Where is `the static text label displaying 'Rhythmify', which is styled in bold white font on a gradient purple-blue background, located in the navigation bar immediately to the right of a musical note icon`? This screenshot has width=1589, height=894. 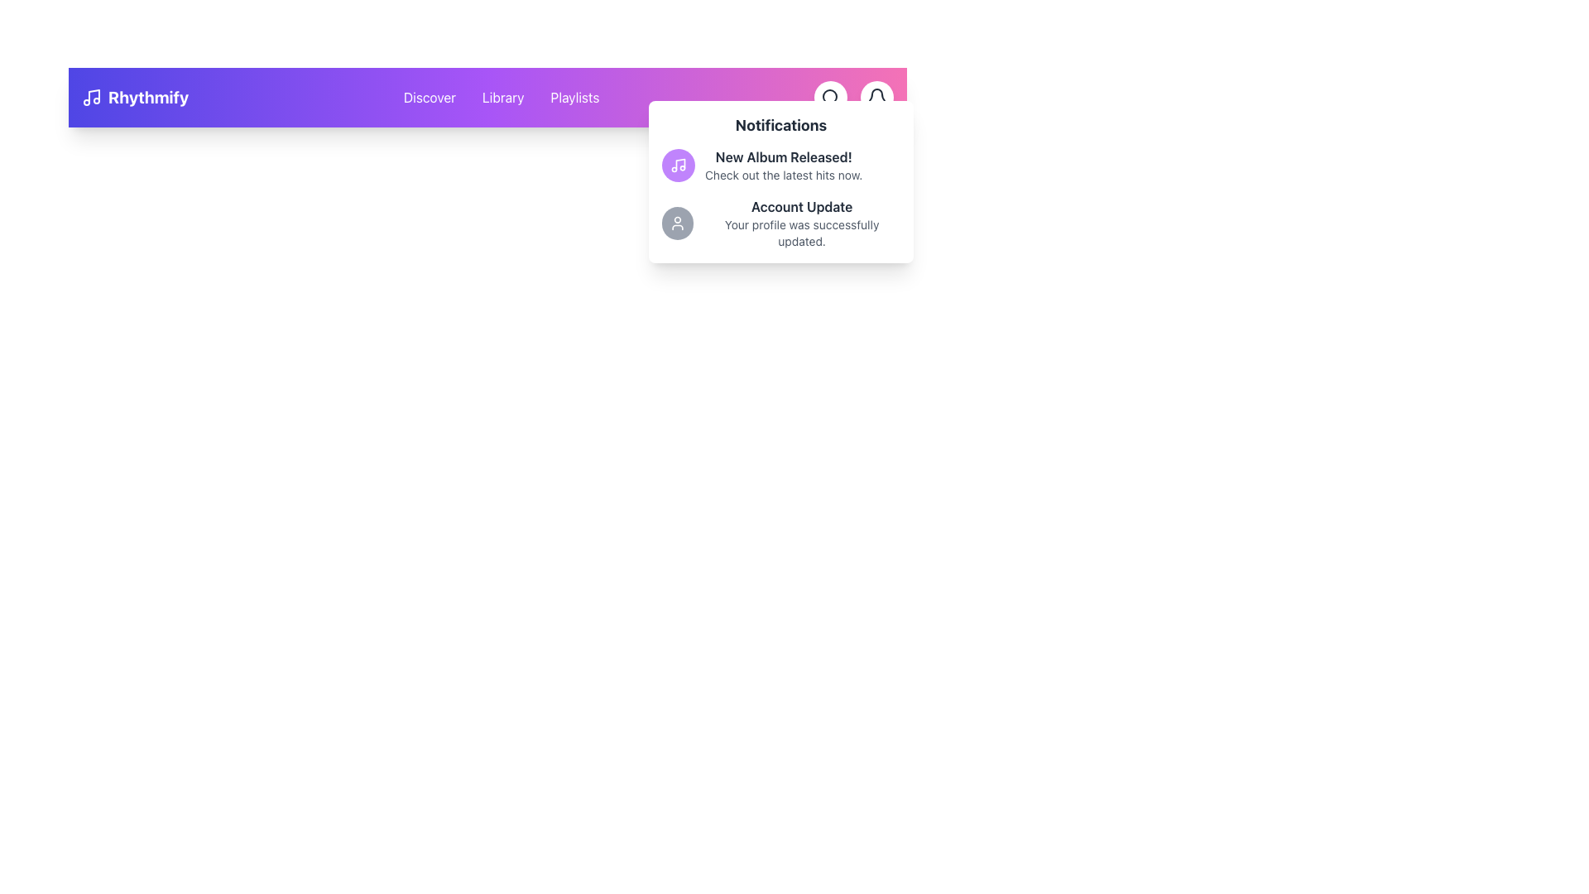
the static text label displaying 'Rhythmify', which is styled in bold white font on a gradient purple-blue background, located in the navigation bar immediately to the right of a musical note icon is located at coordinates (148, 98).